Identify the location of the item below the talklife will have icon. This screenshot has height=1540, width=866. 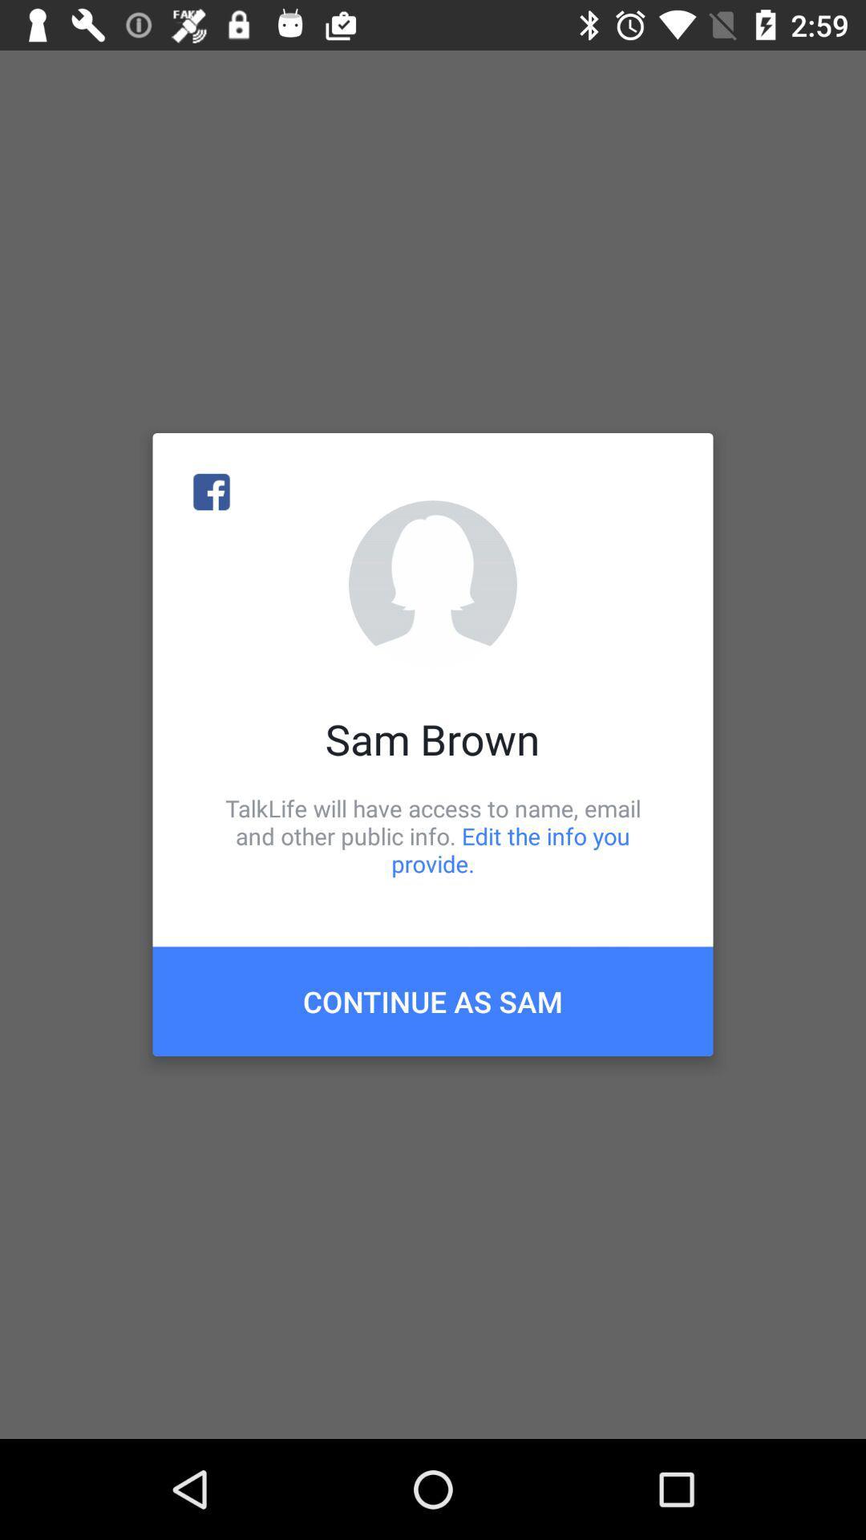
(433, 1000).